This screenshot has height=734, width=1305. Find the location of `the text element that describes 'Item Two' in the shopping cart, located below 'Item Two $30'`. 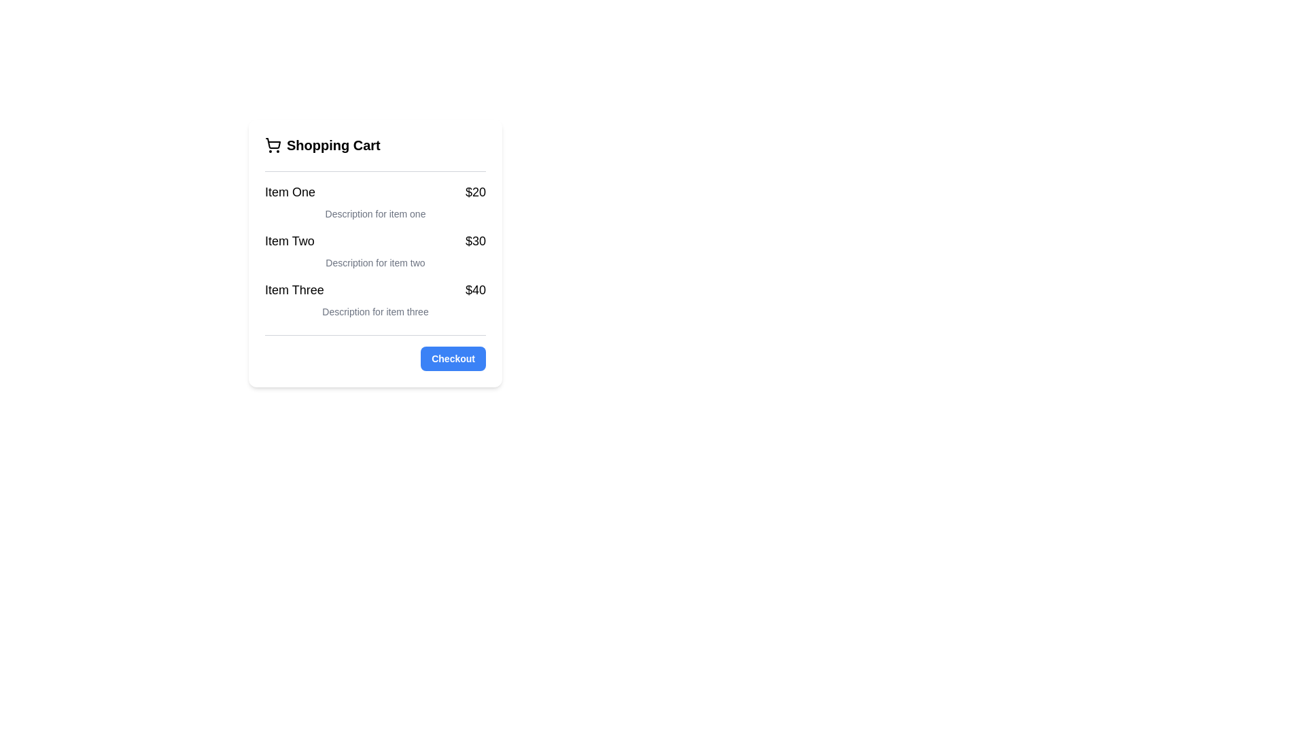

the text element that describes 'Item Two' in the shopping cart, located below 'Item Two $30' is located at coordinates (375, 262).